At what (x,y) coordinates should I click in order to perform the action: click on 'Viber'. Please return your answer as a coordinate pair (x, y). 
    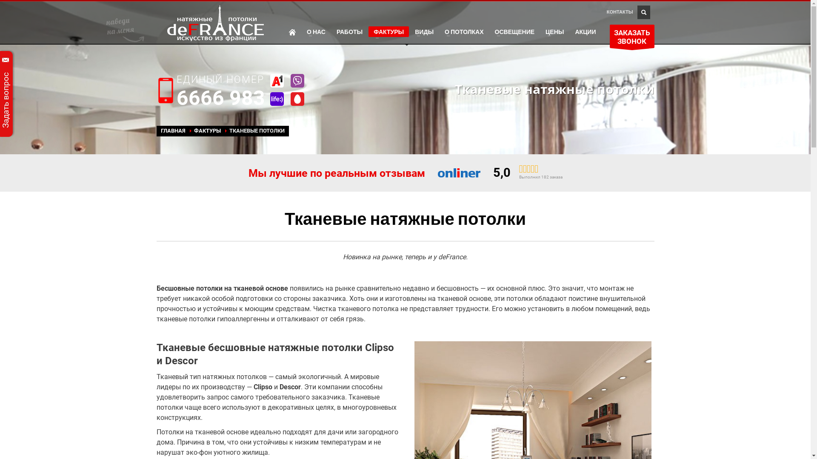
    Looking at the image, I should click on (297, 80).